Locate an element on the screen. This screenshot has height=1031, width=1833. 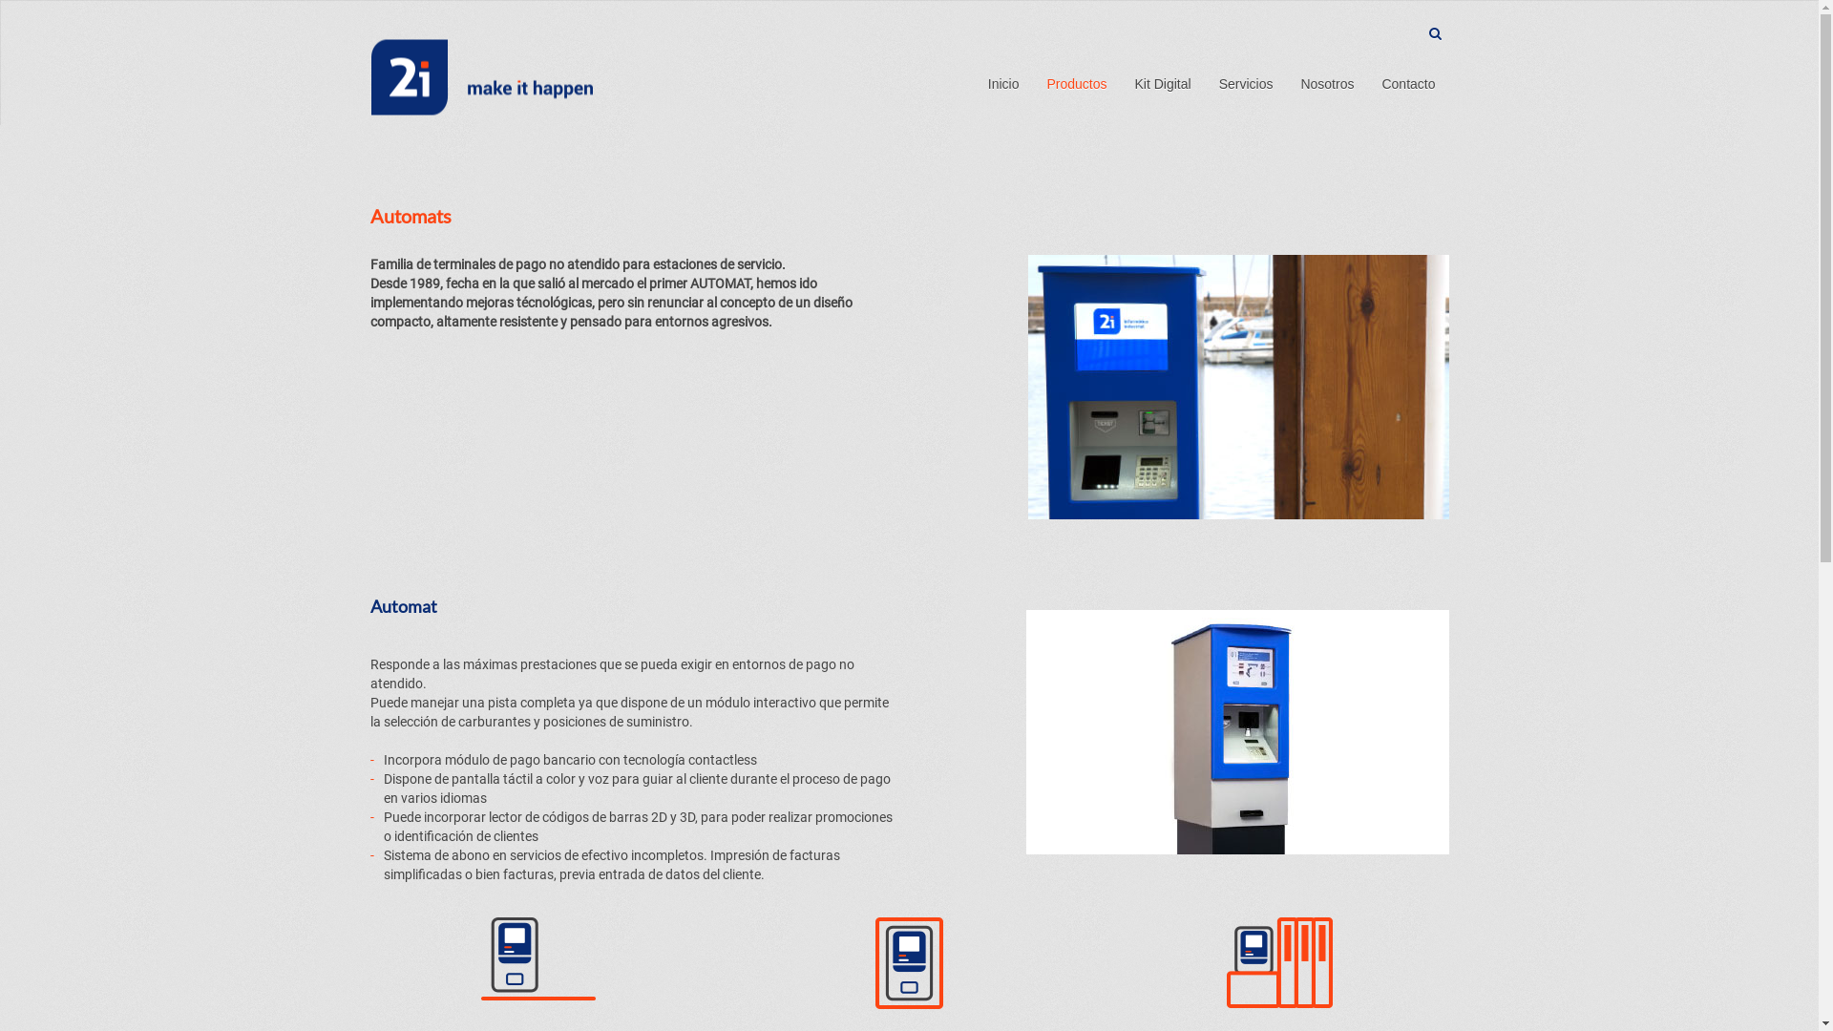
'Inicio' is located at coordinates (1002, 83).